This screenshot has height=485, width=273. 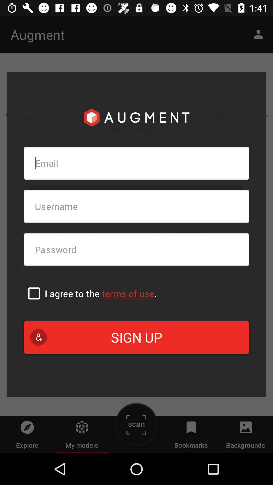 What do you see at coordinates (136, 337) in the screenshot?
I see `icon at the bottom` at bounding box center [136, 337].